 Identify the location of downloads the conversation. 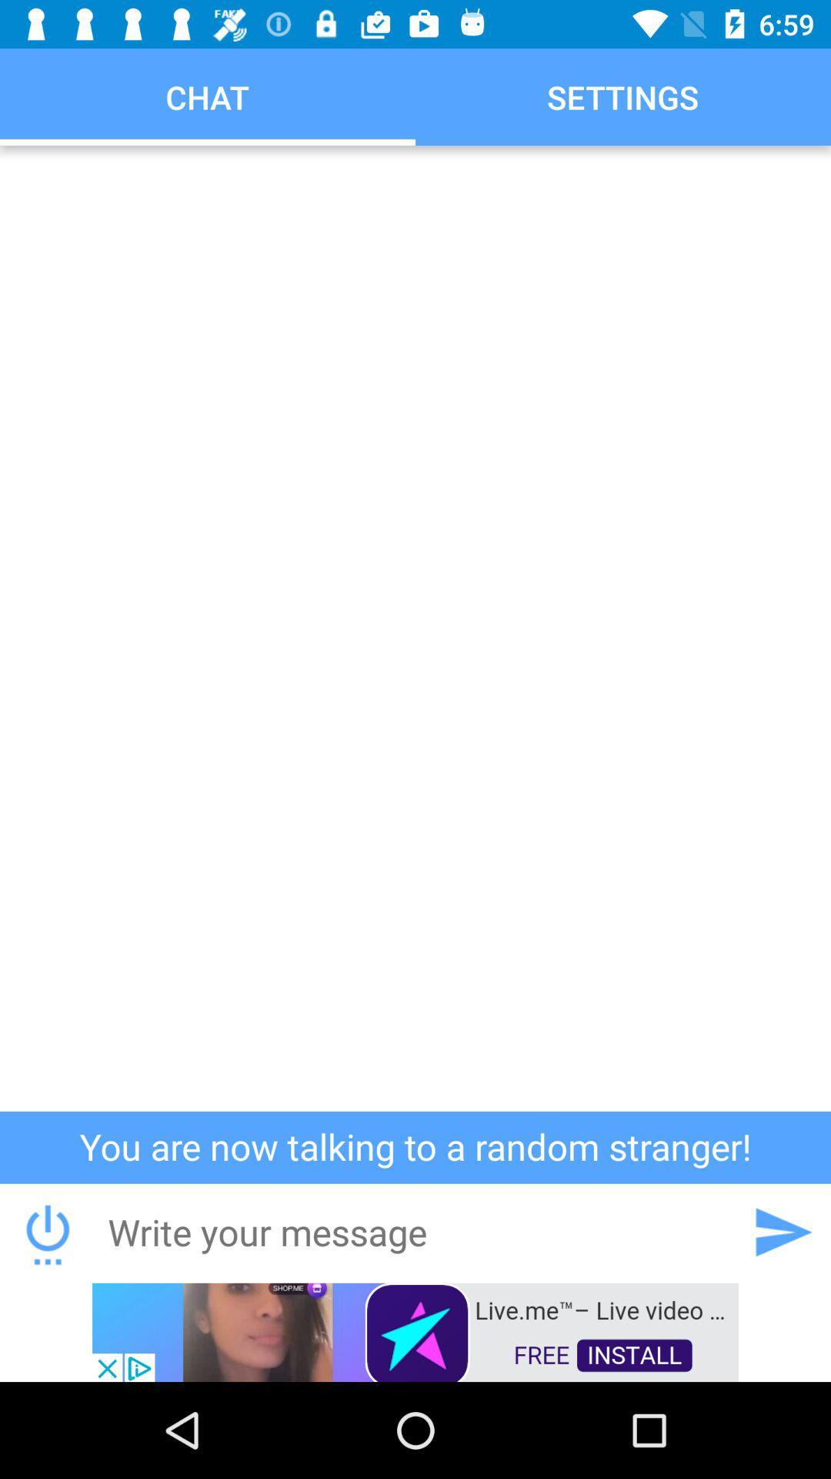
(47, 1231).